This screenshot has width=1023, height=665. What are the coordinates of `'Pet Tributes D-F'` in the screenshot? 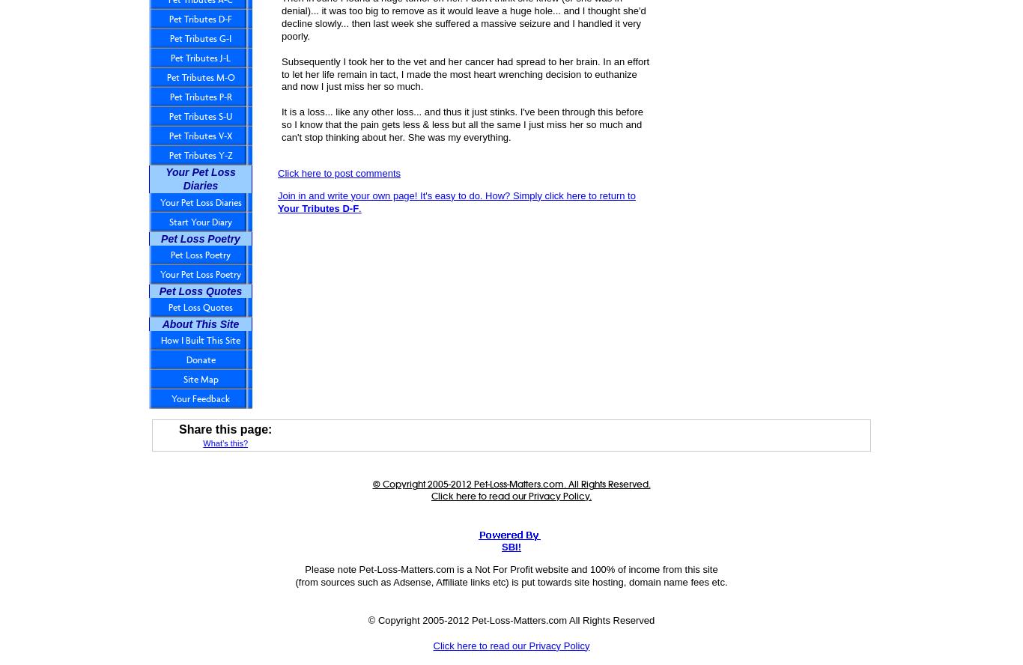 It's located at (201, 19).